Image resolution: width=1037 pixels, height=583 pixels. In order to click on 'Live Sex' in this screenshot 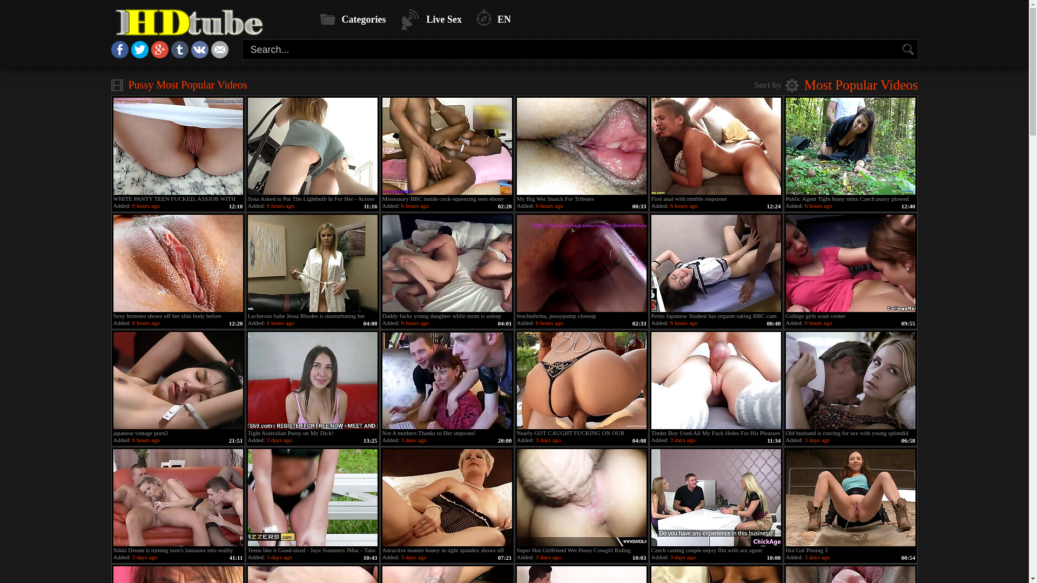, I will do `click(430, 19)`.